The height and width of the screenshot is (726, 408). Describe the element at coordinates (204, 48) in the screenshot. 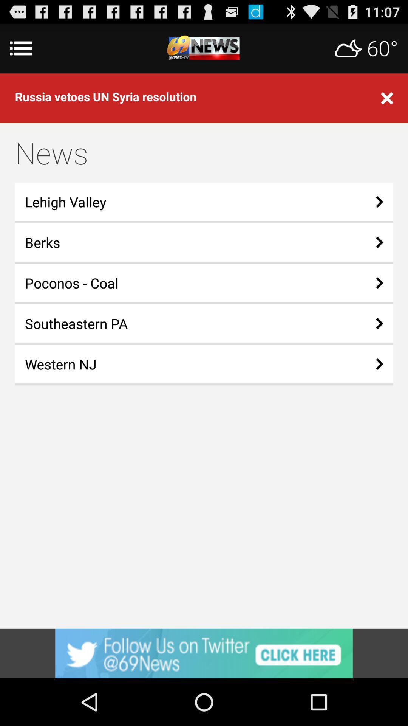

I see `advertisement cloud news` at that location.